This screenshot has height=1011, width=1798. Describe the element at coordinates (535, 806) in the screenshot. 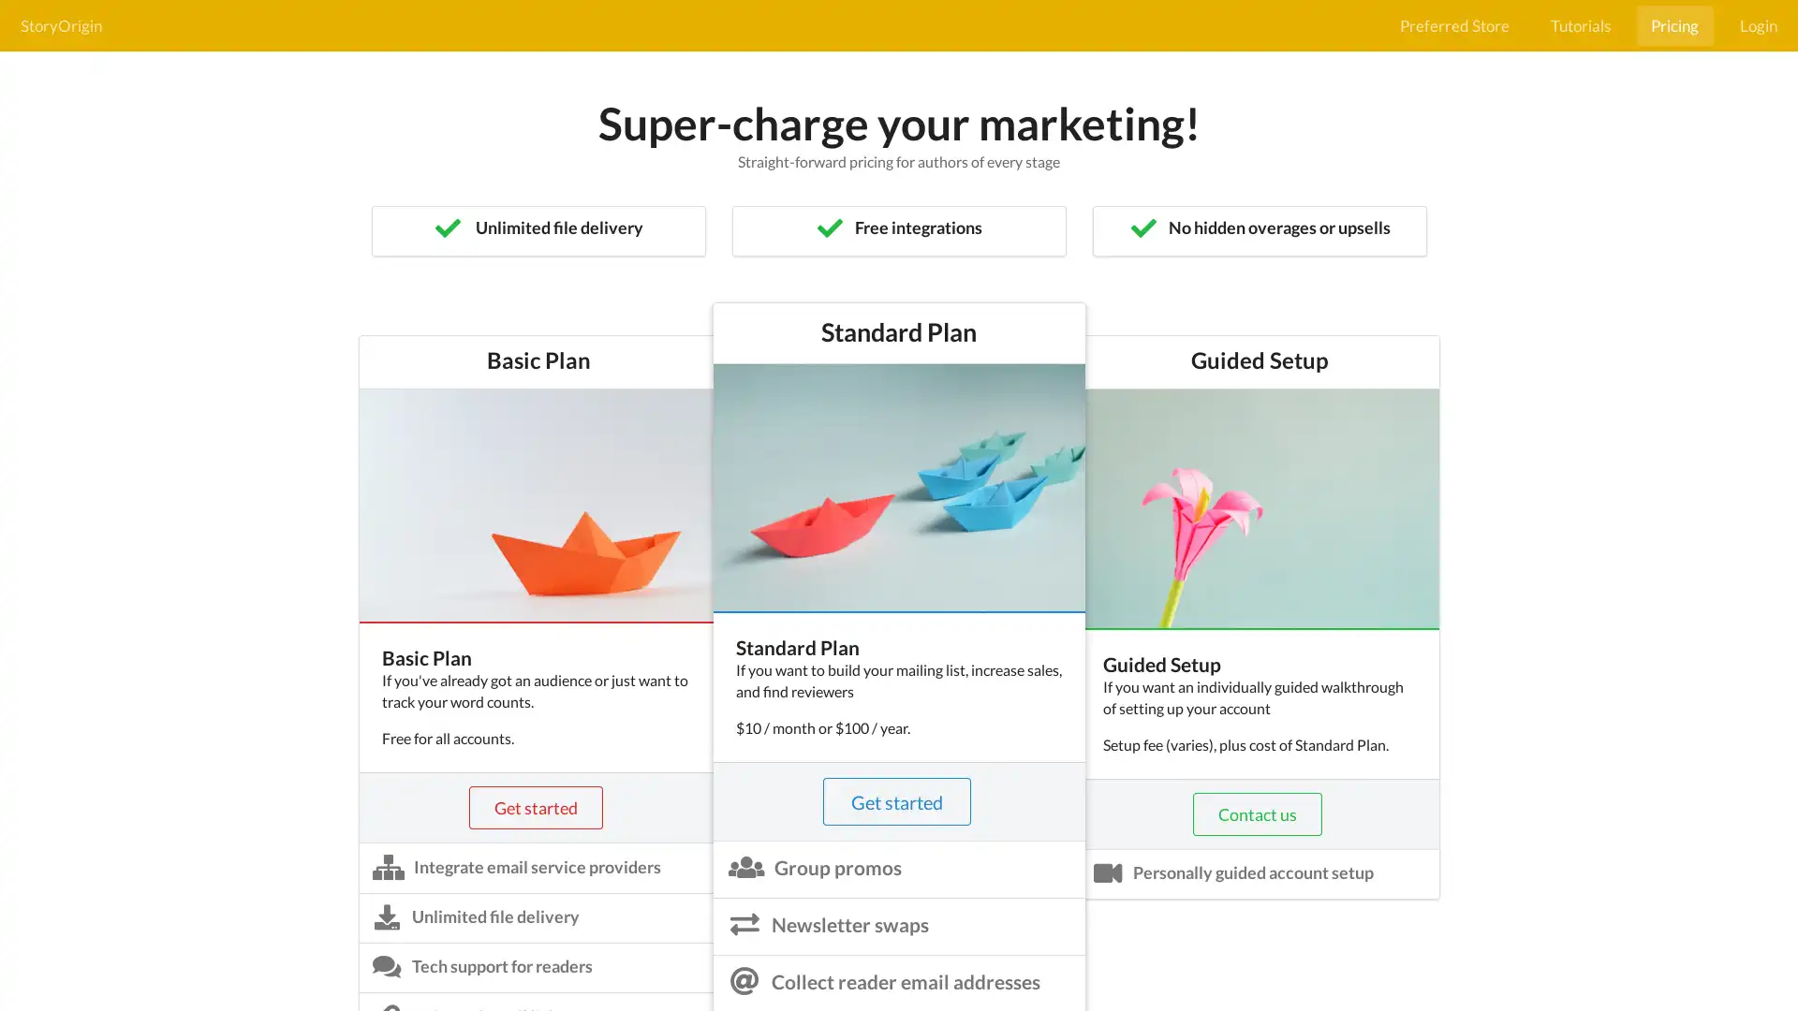

I see `Get started` at that location.